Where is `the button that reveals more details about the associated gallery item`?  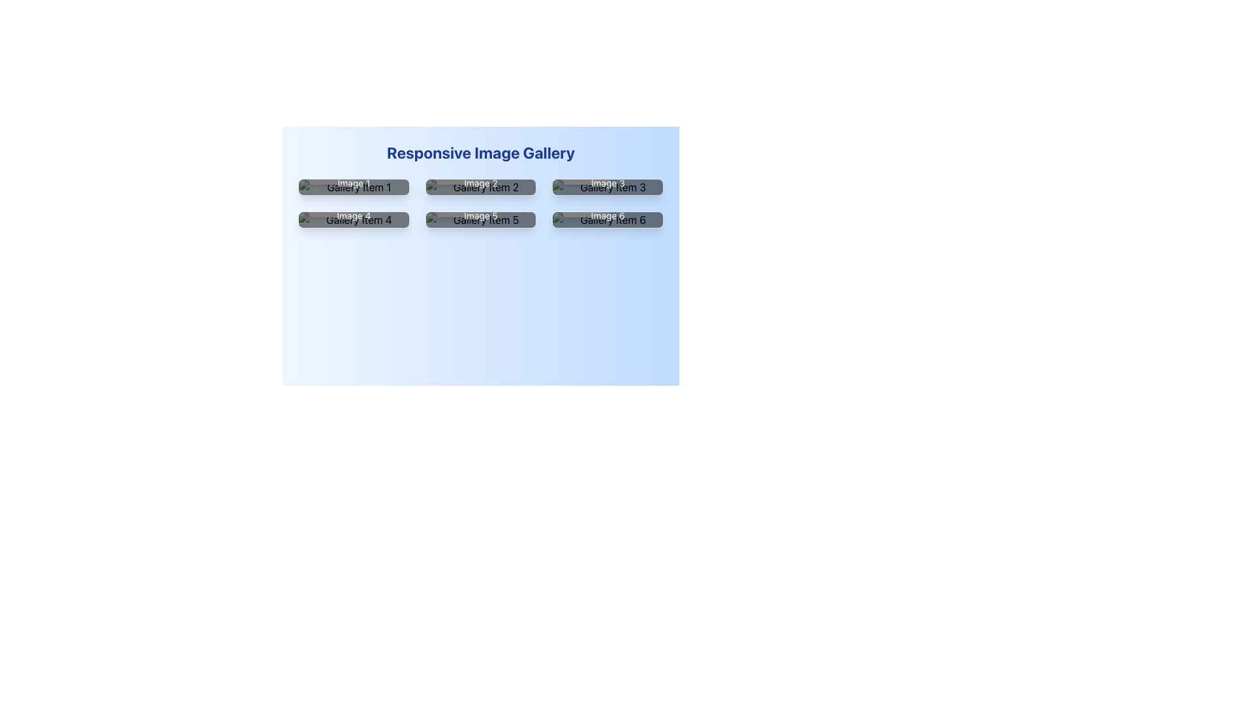 the button that reveals more details about the associated gallery item is located at coordinates (459, 196).